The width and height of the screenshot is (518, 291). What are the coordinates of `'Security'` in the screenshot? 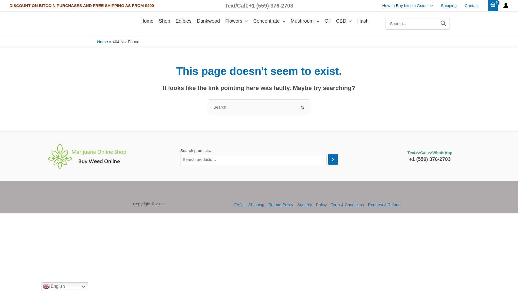 It's located at (305, 205).